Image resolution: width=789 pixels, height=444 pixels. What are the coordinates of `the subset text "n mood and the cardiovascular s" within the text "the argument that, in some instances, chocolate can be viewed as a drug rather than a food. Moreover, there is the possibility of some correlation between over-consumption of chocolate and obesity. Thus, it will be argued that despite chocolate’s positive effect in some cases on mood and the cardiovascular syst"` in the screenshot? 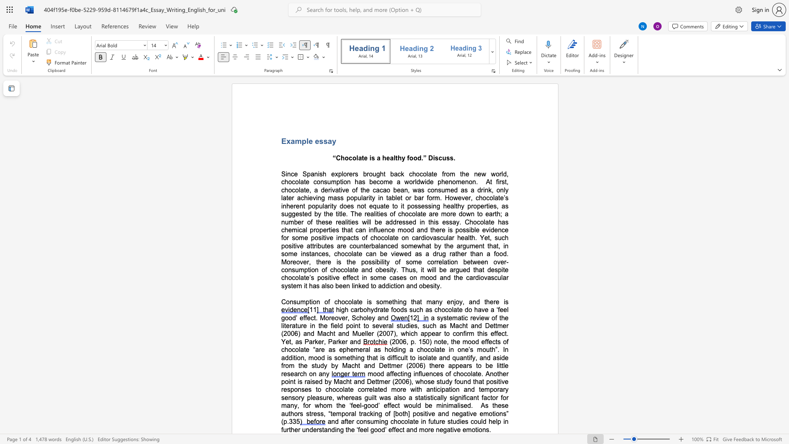 It's located at (413, 277).